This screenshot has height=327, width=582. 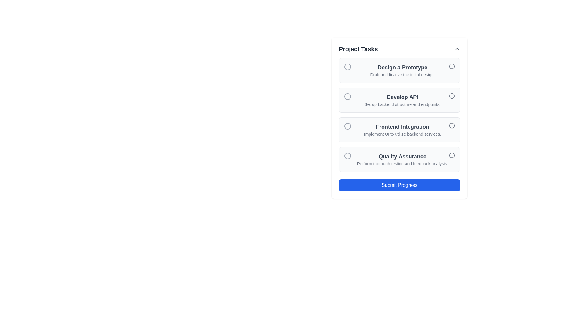 I want to click on the circular indicator next to the 'Quality Assurance' task to trigger a tooltip or hover effect, so click(x=348, y=156).